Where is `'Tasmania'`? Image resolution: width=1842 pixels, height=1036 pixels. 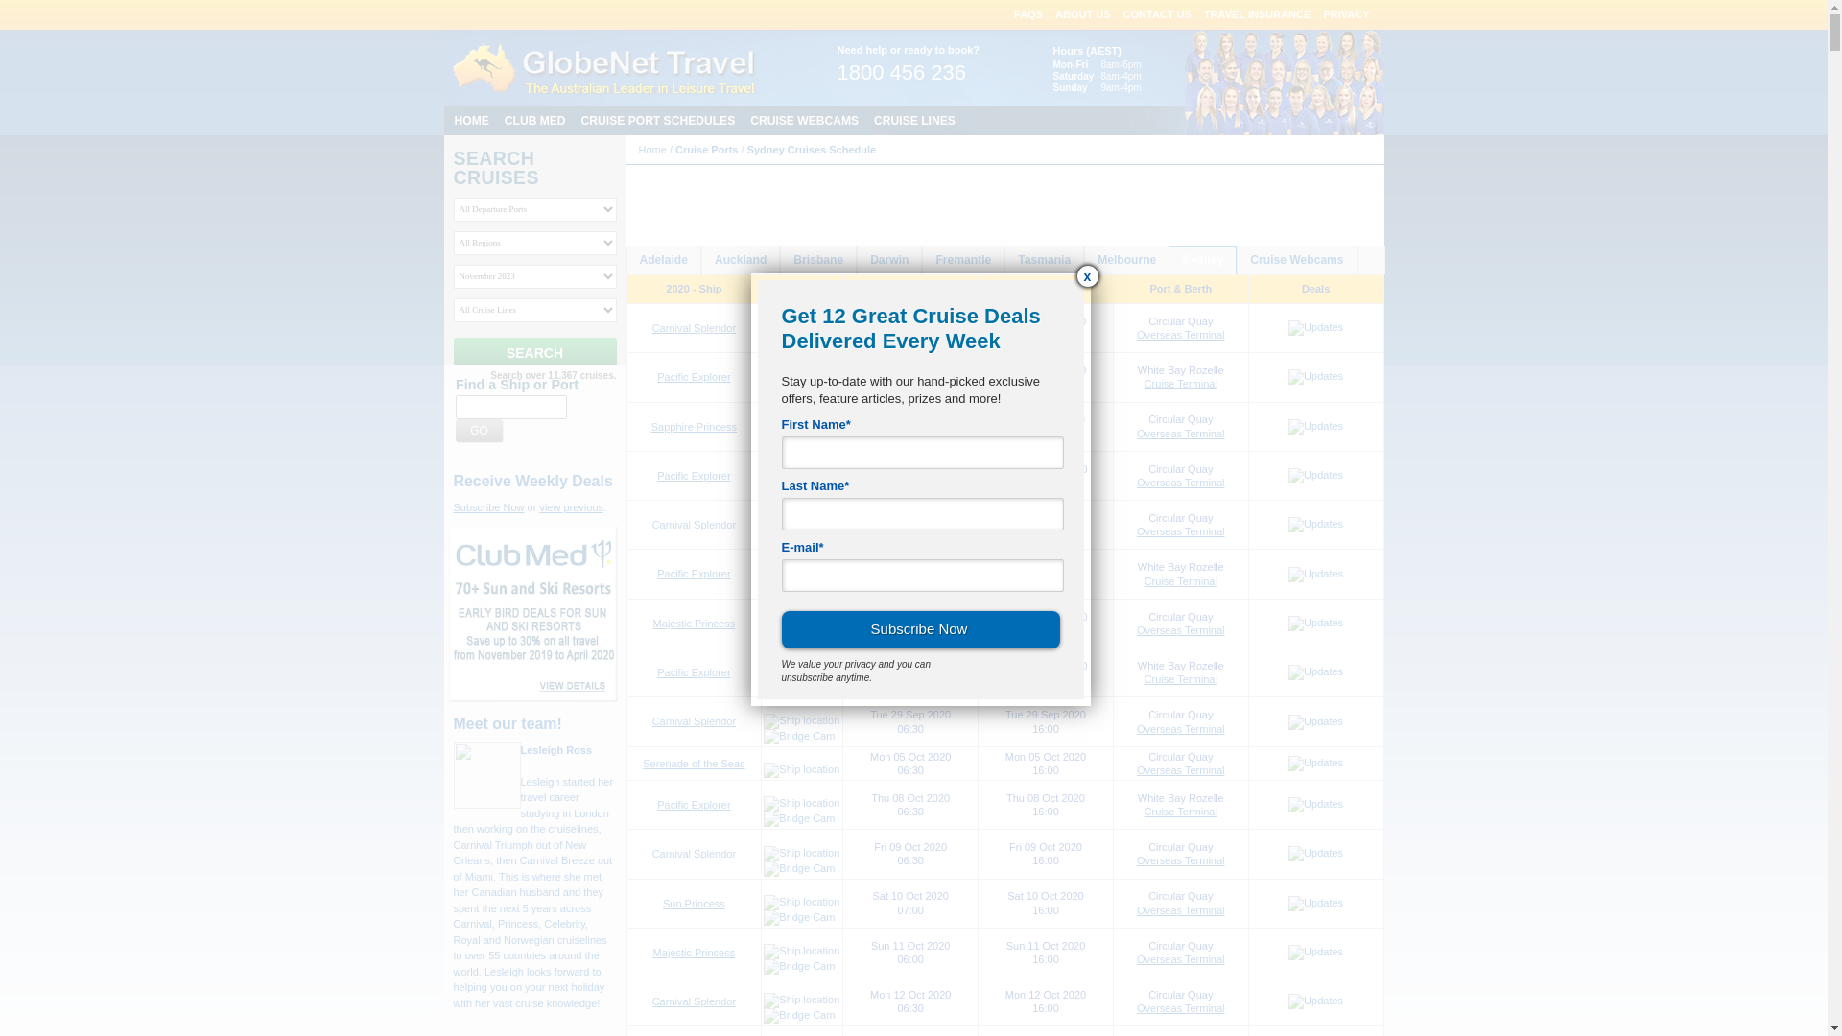
'Tasmania' is located at coordinates (1043, 260).